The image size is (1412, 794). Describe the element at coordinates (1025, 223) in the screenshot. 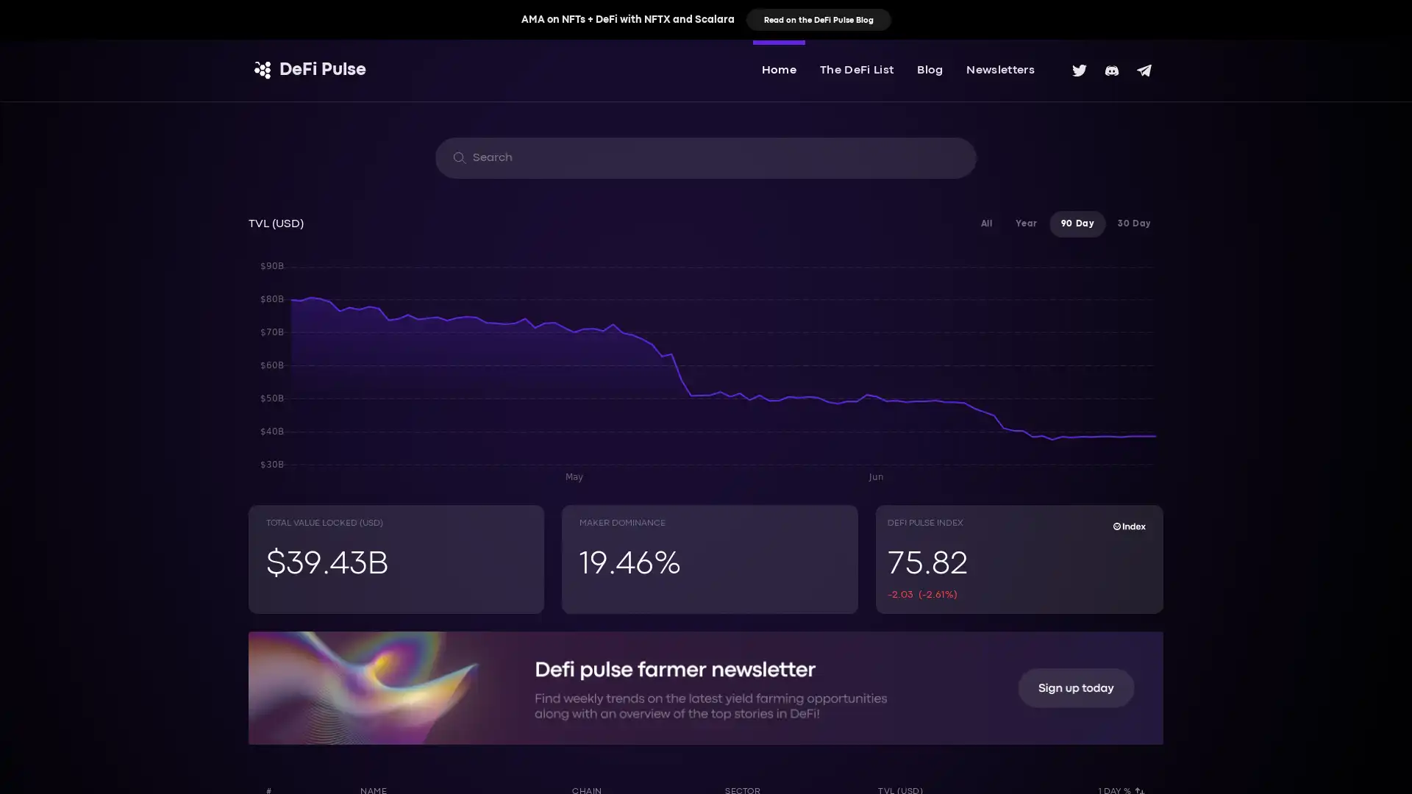

I see `Year` at that location.